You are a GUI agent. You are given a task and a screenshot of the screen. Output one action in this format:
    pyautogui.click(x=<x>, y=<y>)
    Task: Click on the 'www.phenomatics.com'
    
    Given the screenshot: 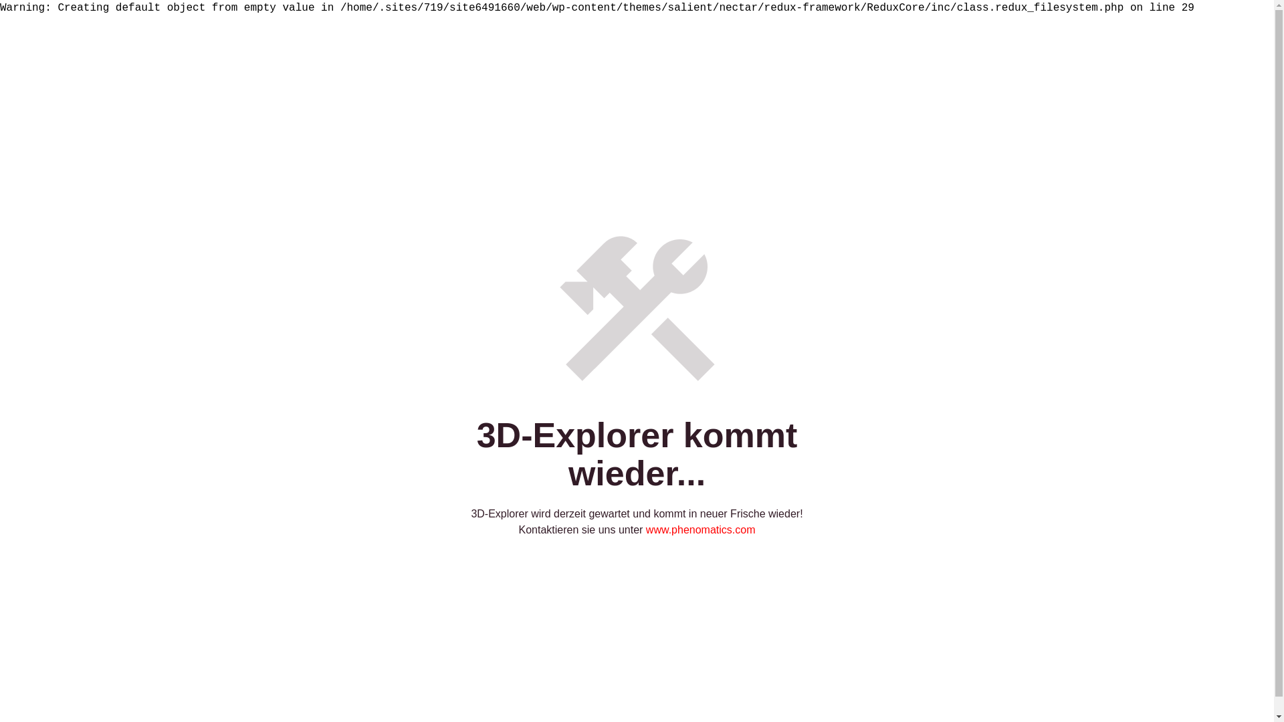 What is the action you would take?
    pyautogui.click(x=700, y=529)
    